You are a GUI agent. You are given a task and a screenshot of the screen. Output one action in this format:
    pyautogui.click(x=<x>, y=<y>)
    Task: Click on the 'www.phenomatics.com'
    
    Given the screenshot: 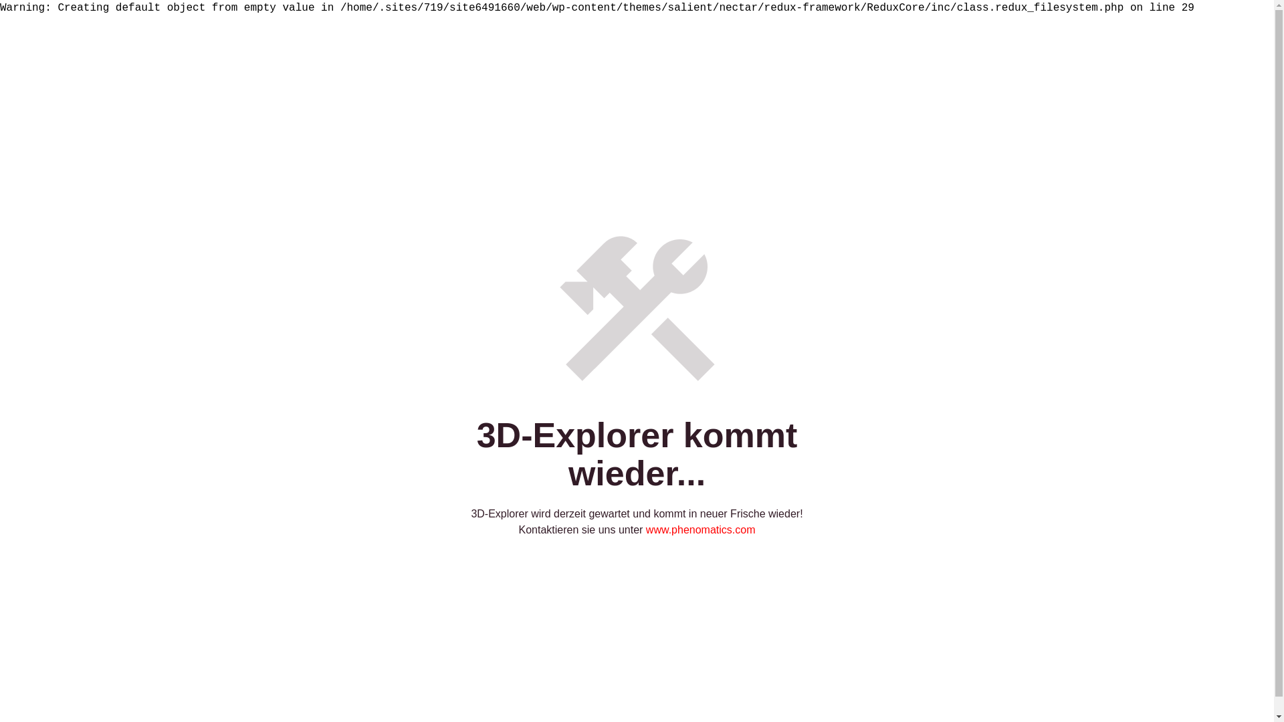 What is the action you would take?
    pyautogui.click(x=700, y=529)
    